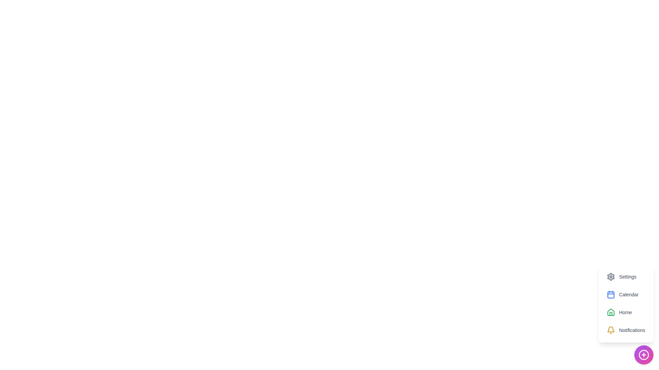  Describe the element at coordinates (621, 276) in the screenshot. I see `the Settings option to view its hover effect` at that location.